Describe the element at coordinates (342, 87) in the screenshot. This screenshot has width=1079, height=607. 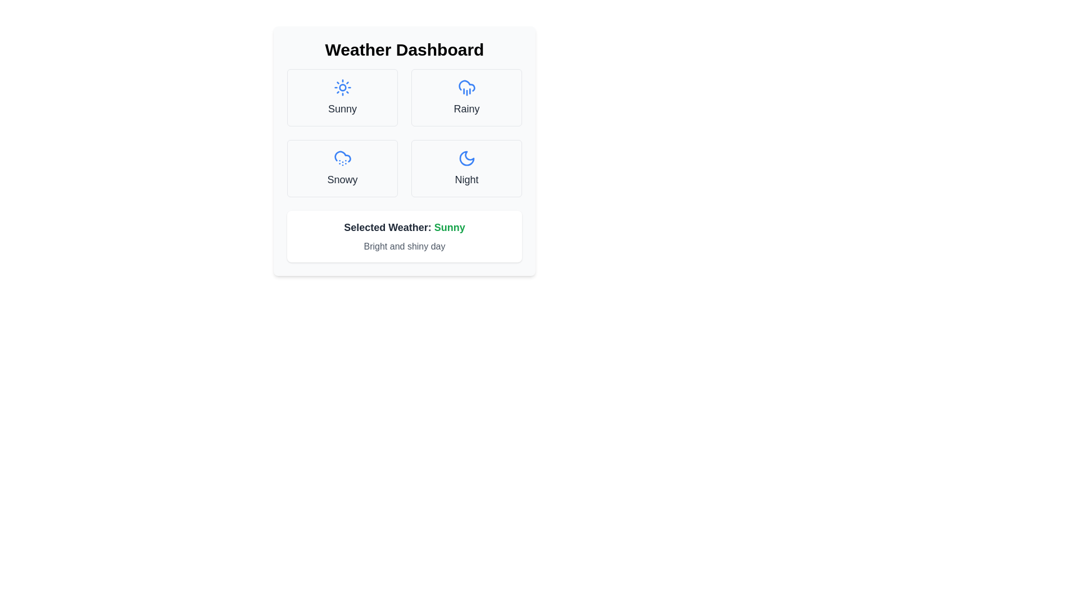
I see `the 'Sunny' weather icon in the weather selection interface, which is the first icon in the grid` at that location.